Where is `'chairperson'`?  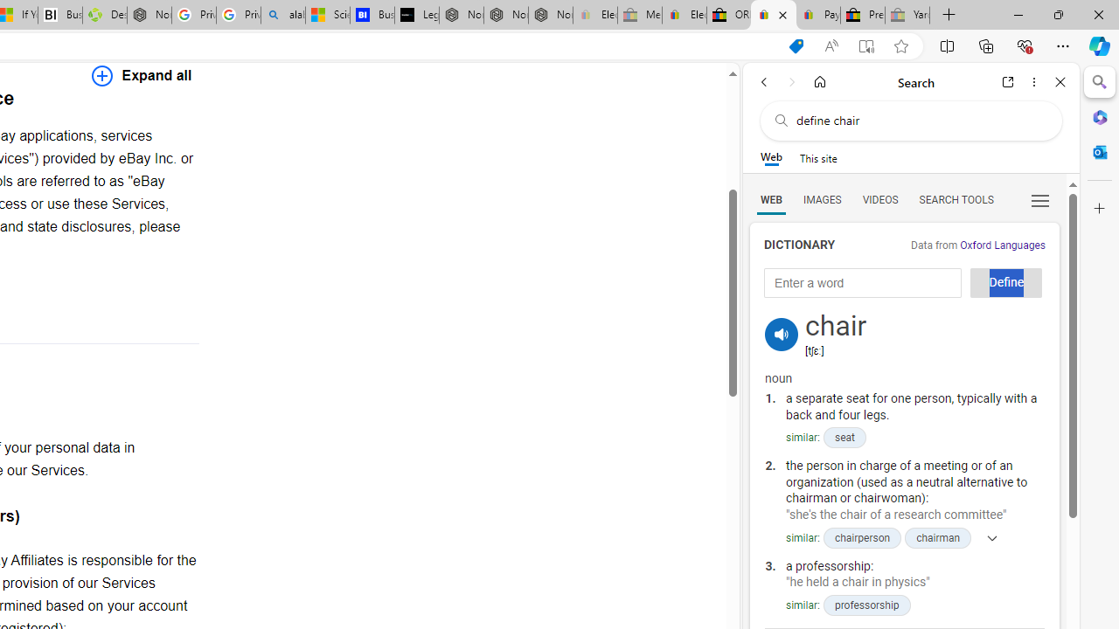 'chairperson' is located at coordinates (862, 536).